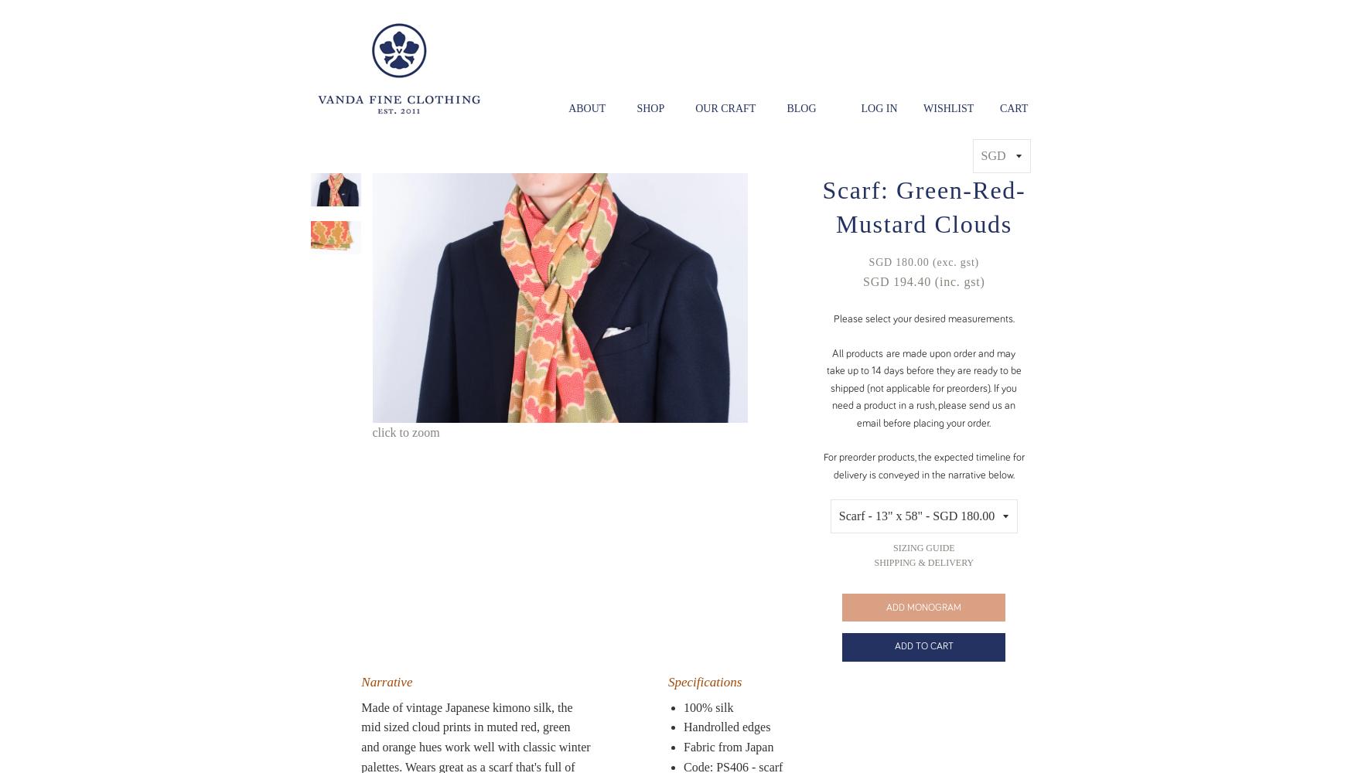  Describe the element at coordinates (728, 745) in the screenshot. I see `'Fabric from Japan'` at that location.